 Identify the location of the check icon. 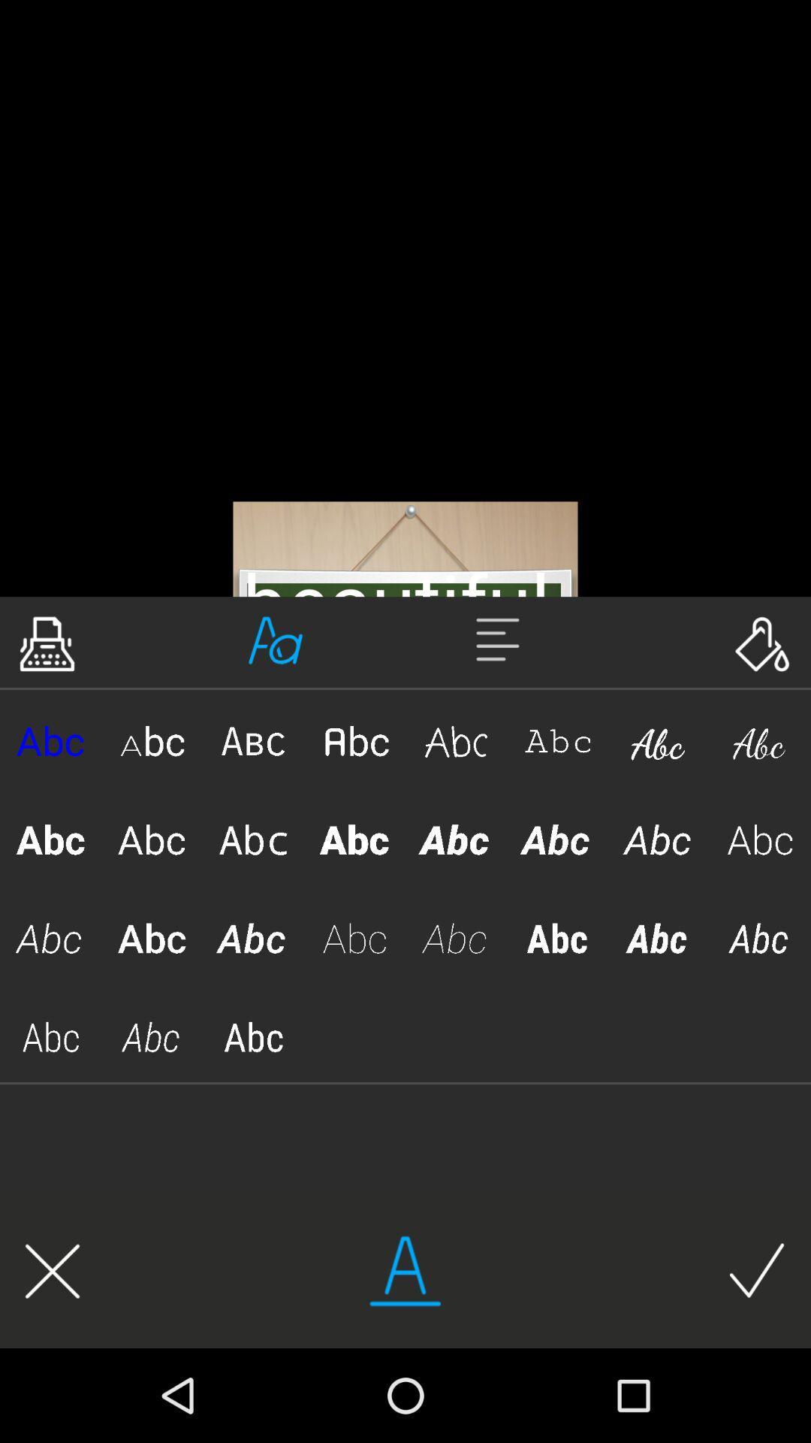
(757, 1270).